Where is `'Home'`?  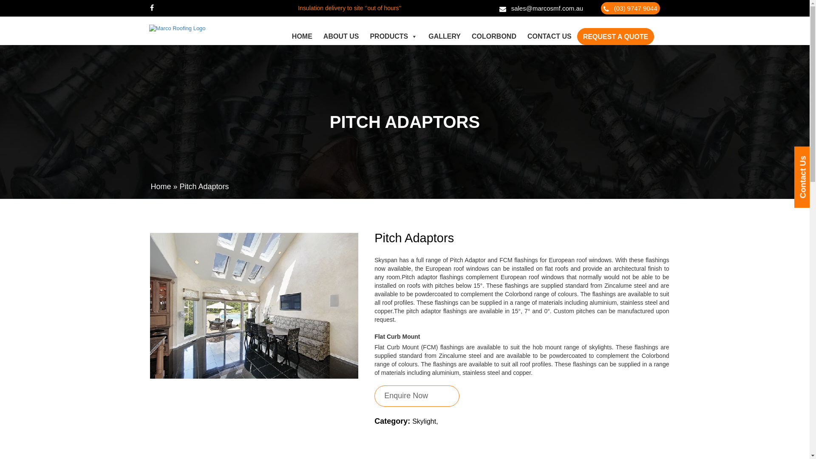
'Home' is located at coordinates (161, 186).